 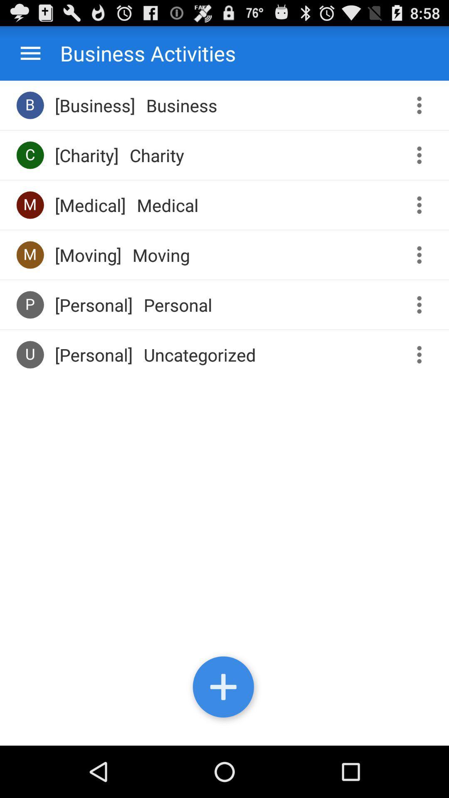 What do you see at coordinates (422, 304) in the screenshot?
I see `more` at bounding box center [422, 304].